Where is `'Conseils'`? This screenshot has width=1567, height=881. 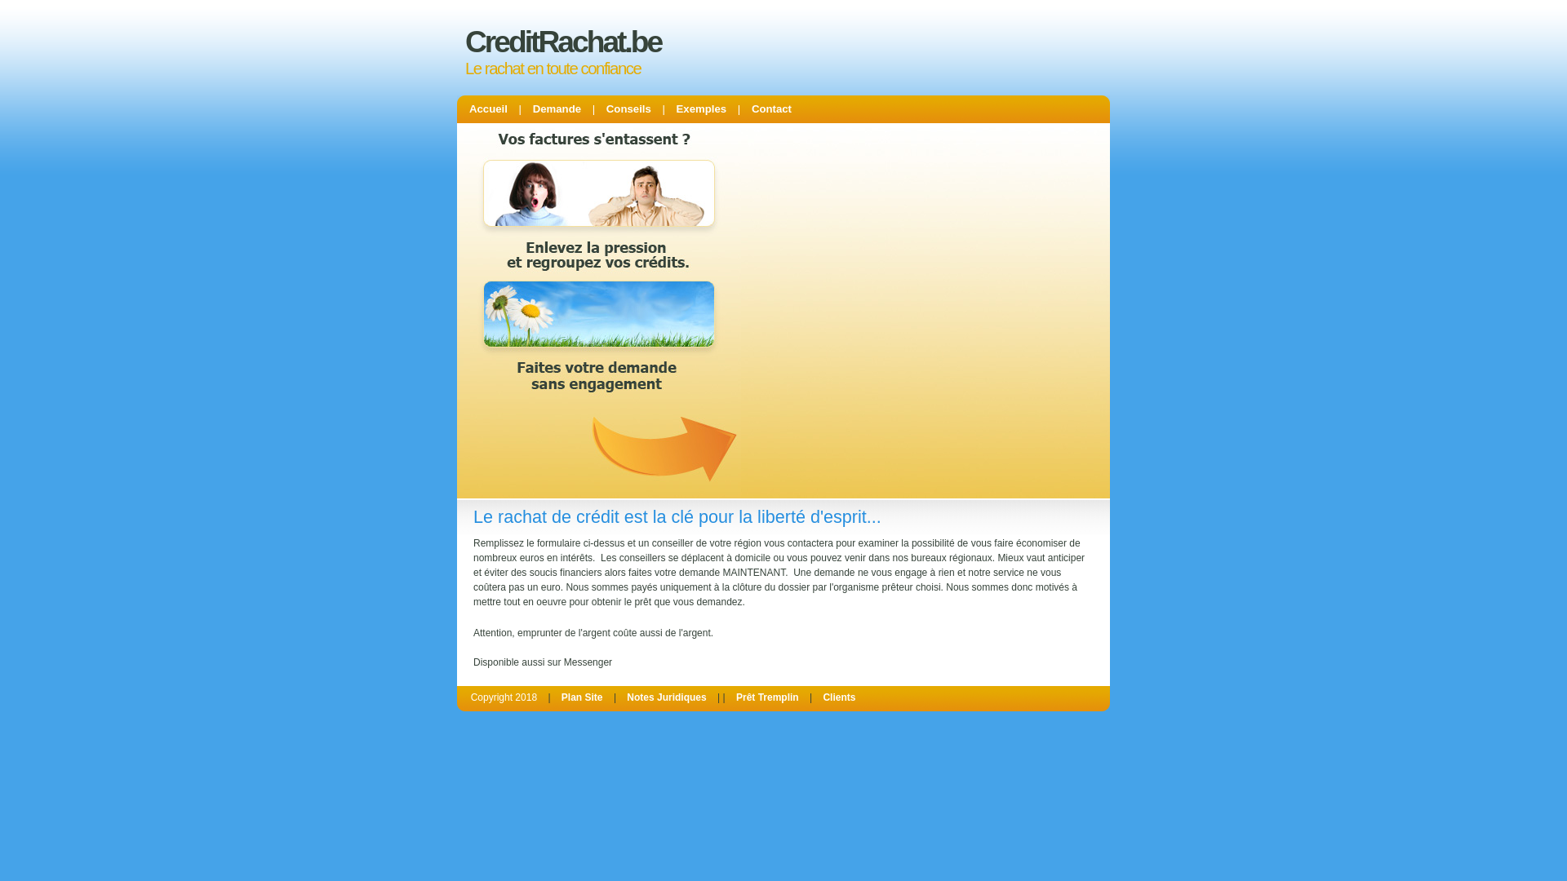
'Conseils' is located at coordinates (628, 108).